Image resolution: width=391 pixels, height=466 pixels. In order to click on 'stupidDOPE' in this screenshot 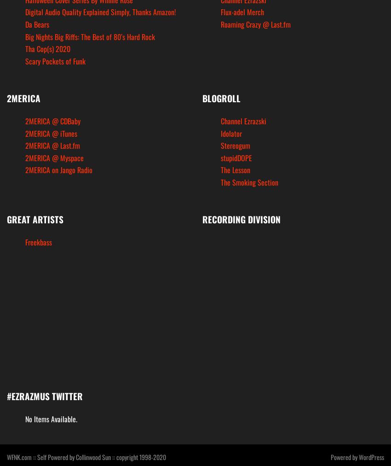, I will do `click(236, 157)`.